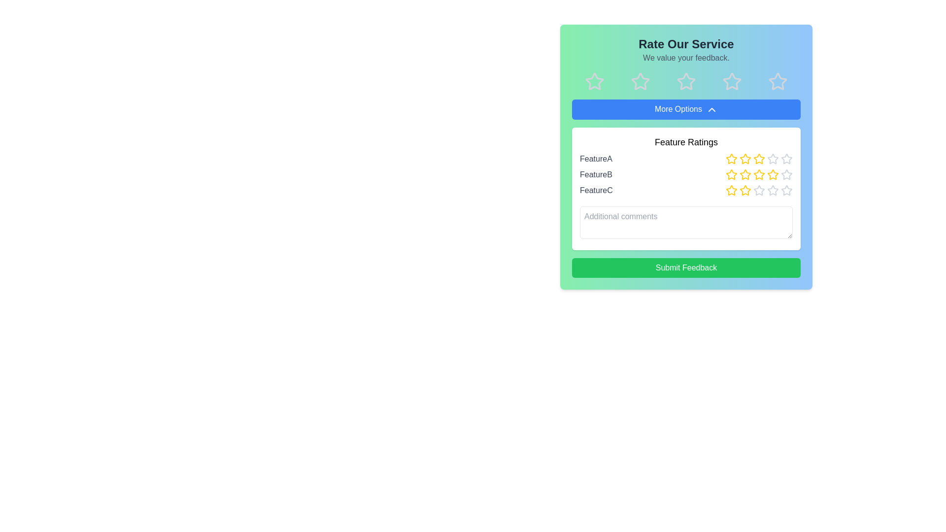 The width and height of the screenshot is (946, 532). I want to click on the 'More Options' button with a blue background and white text, so click(685, 109).